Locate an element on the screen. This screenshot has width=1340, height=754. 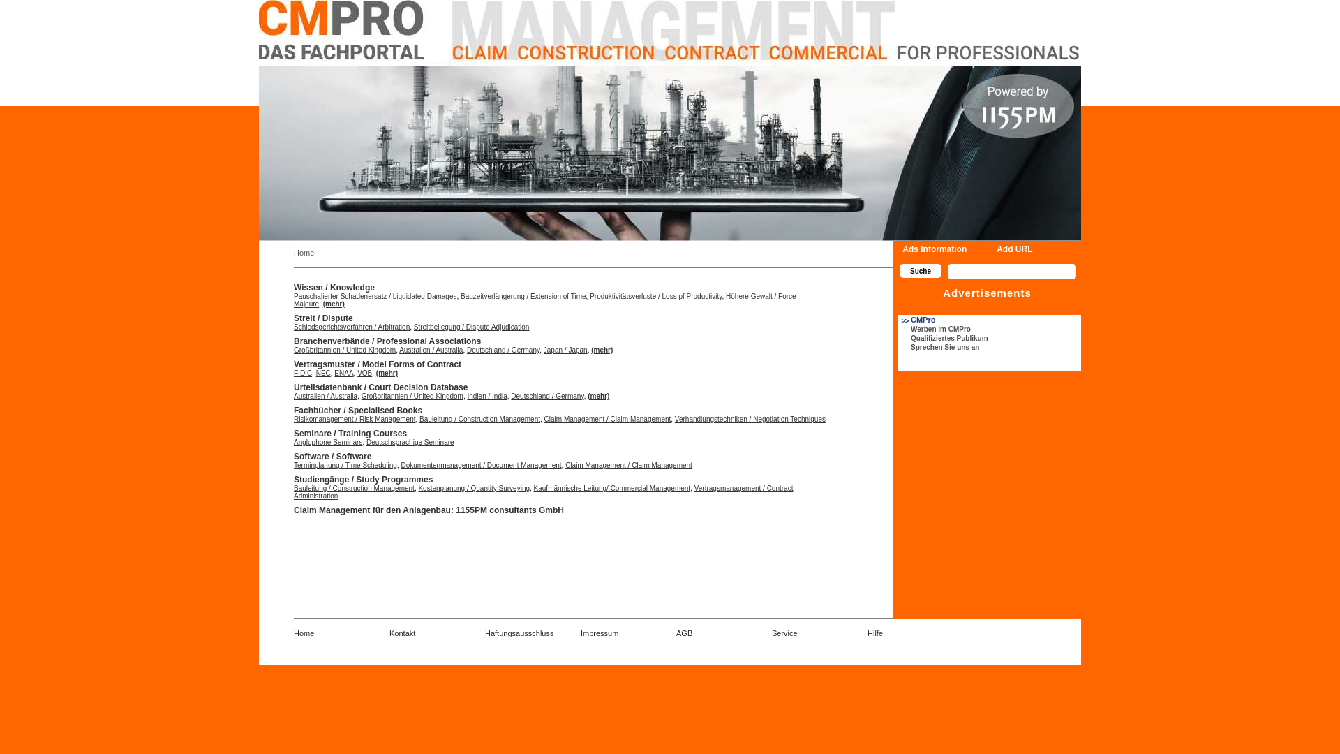
'Add URL' is located at coordinates (996, 249).